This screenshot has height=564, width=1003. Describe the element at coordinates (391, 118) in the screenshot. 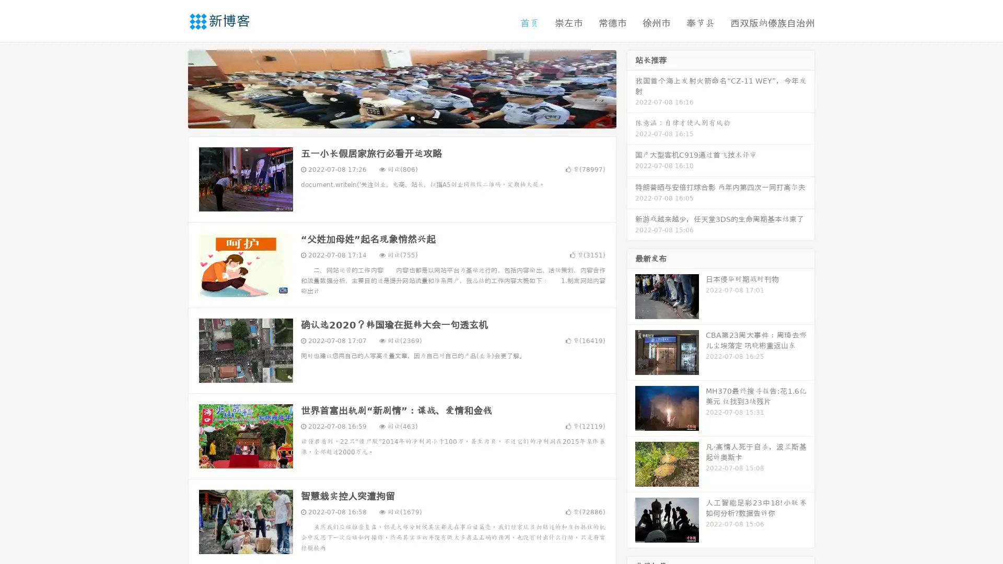

I see `Go to slide 1` at that location.